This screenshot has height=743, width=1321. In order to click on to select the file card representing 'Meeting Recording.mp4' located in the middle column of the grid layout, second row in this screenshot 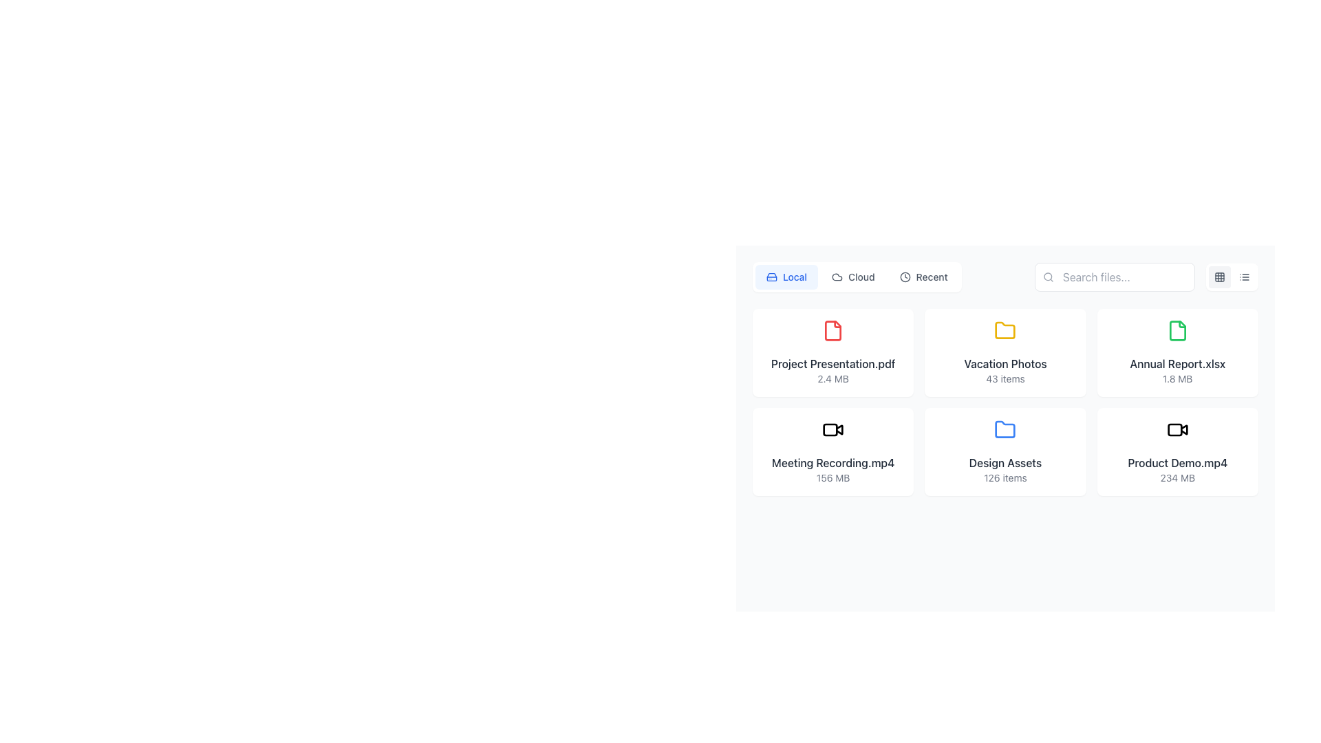, I will do `click(833, 451)`.